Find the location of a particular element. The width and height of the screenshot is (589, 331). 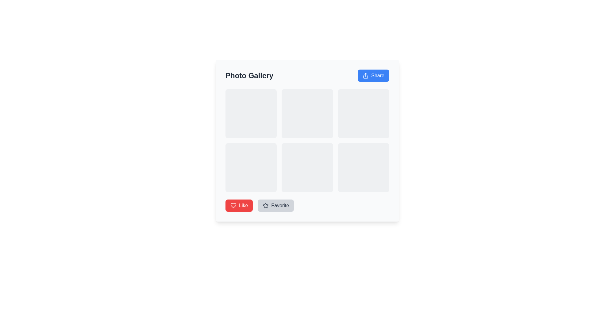

the blue rectangular 'Share' button with rounded edges located in the upper right corner of the 'Photo Gallery' section is located at coordinates (373, 75).